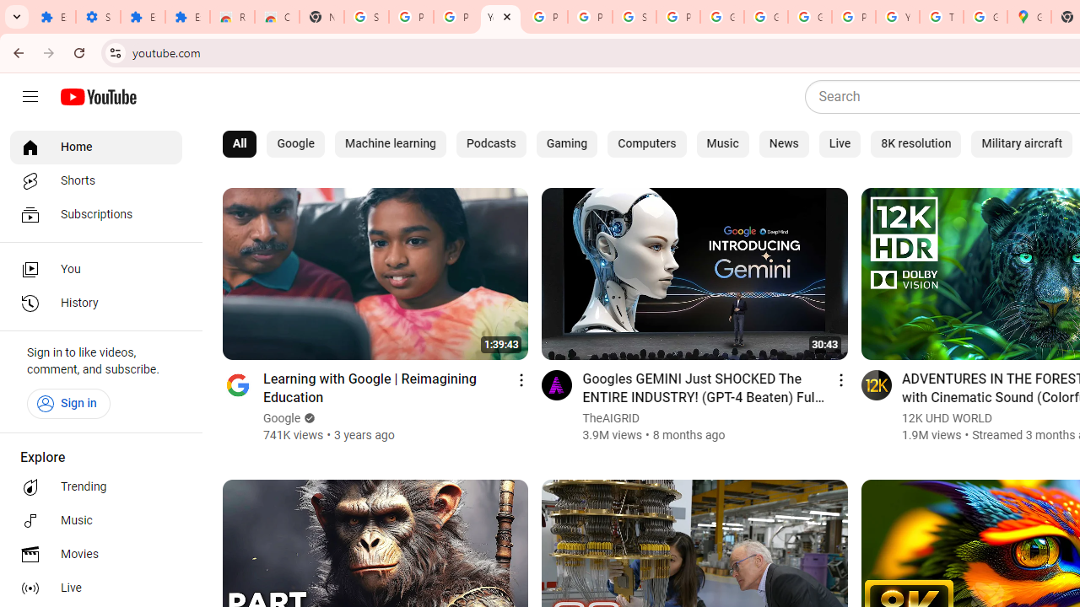 The image size is (1080, 607). I want to click on 'TheAIGRID', so click(611, 417).